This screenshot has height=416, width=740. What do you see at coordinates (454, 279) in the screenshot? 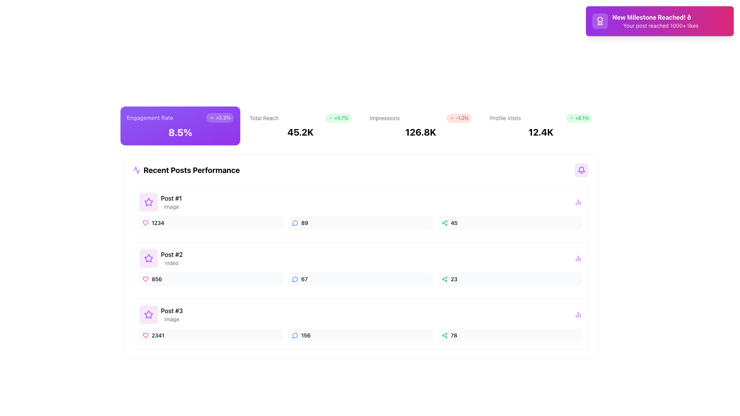
I see `the small text label displaying '23', which is the last element in a data row within the 'Recent Posts Performance' section` at bounding box center [454, 279].